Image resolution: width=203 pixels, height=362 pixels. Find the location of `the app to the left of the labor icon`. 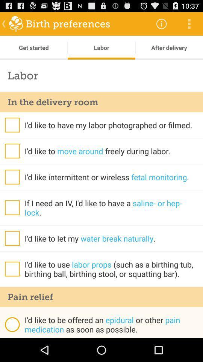

the app to the left of the labor icon is located at coordinates (33, 47).